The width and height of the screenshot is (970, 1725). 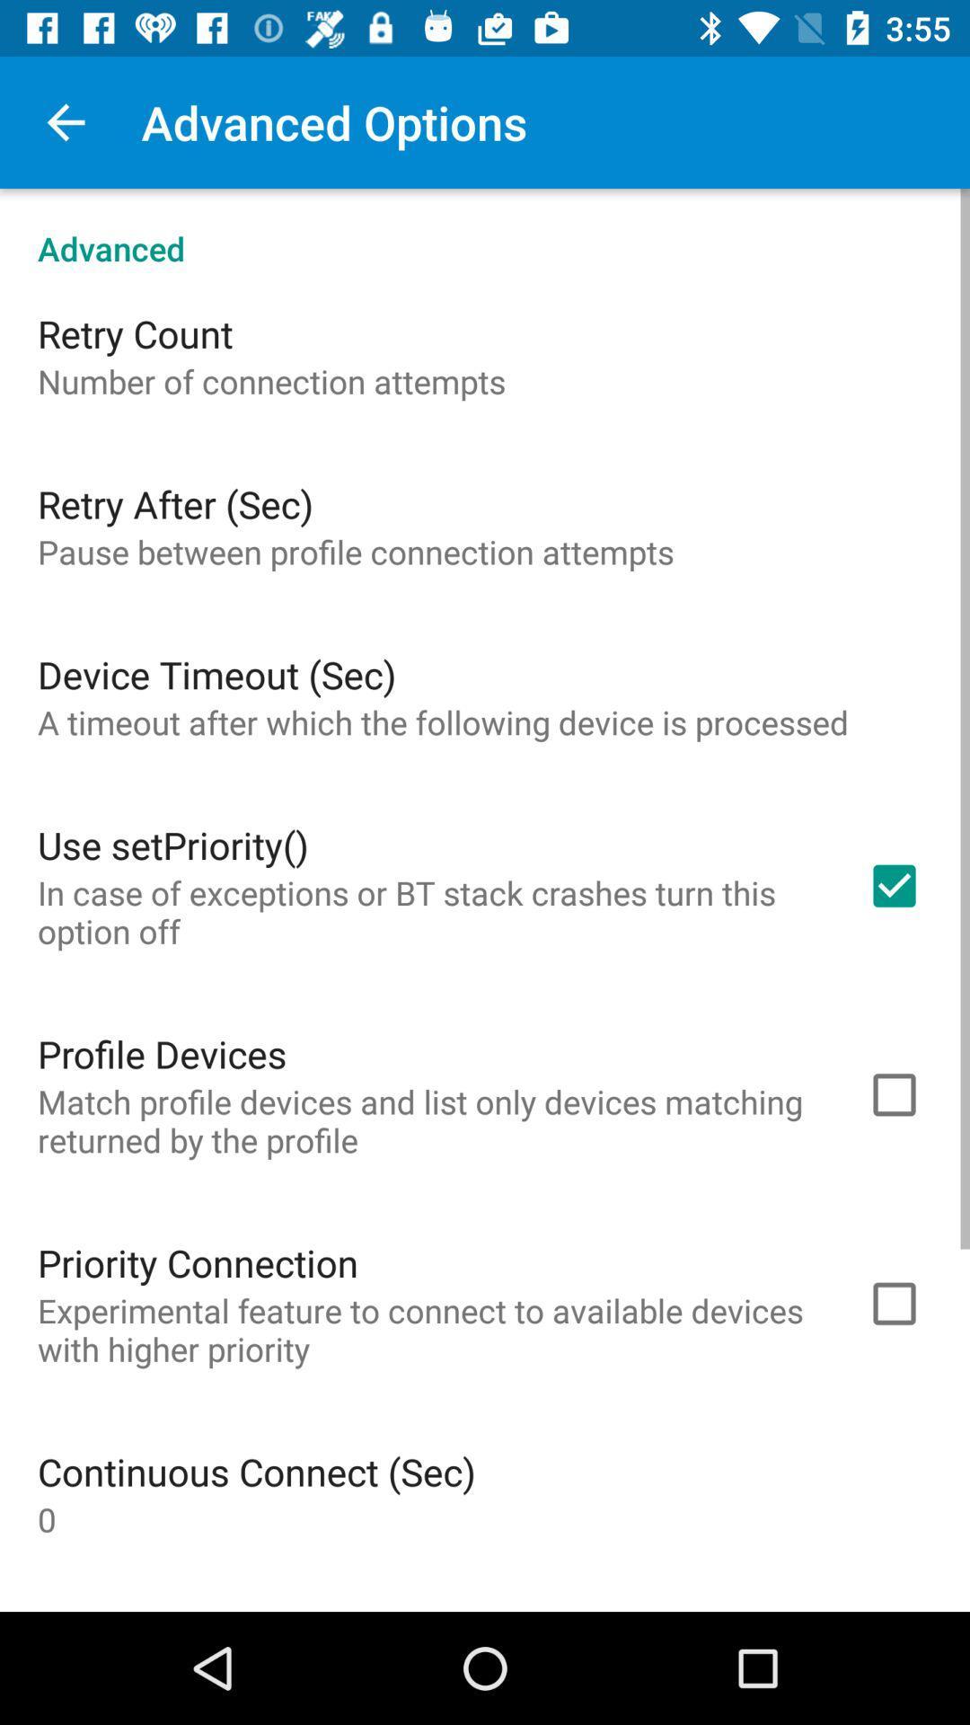 What do you see at coordinates (356, 551) in the screenshot?
I see `icon below the retry after (sec) icon` at bounding box center [356, 551].